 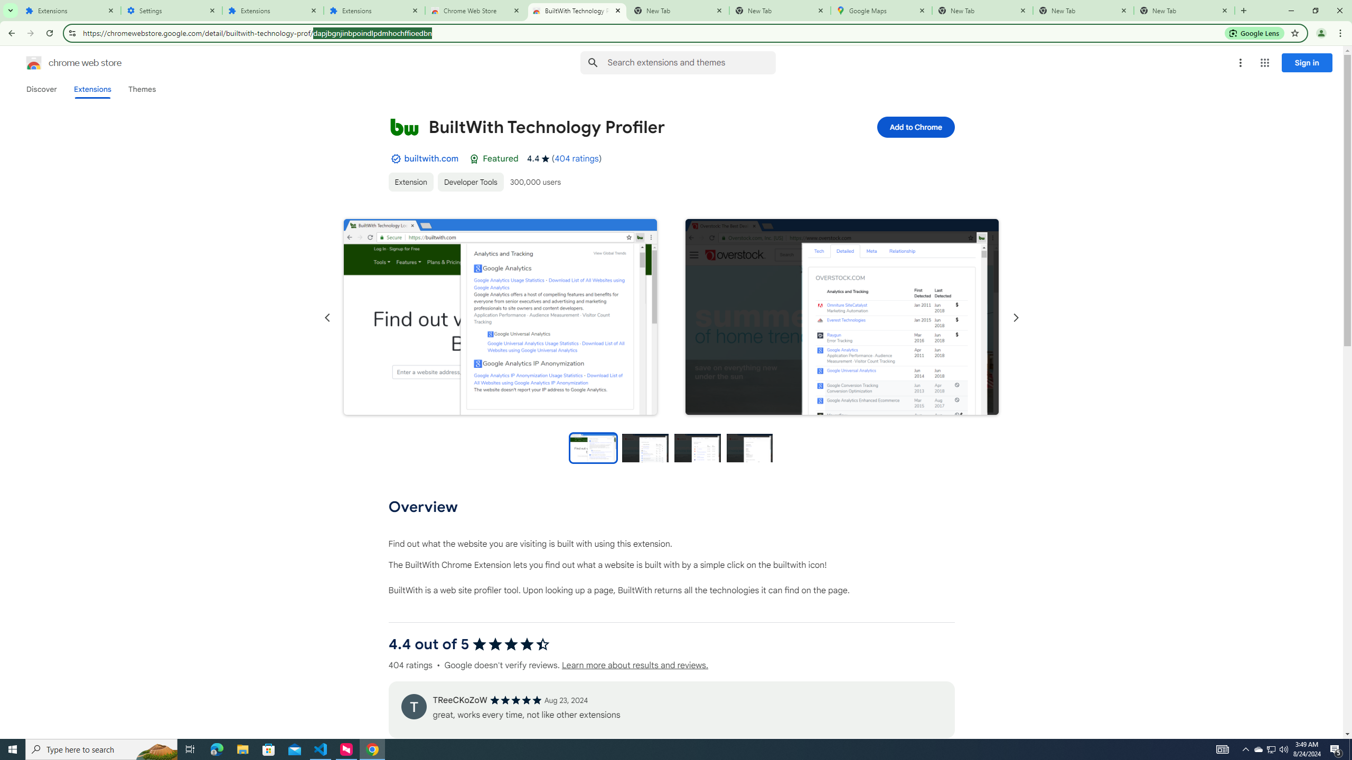 I want to click on 'builtwith.com', so click(x=430, y=158).